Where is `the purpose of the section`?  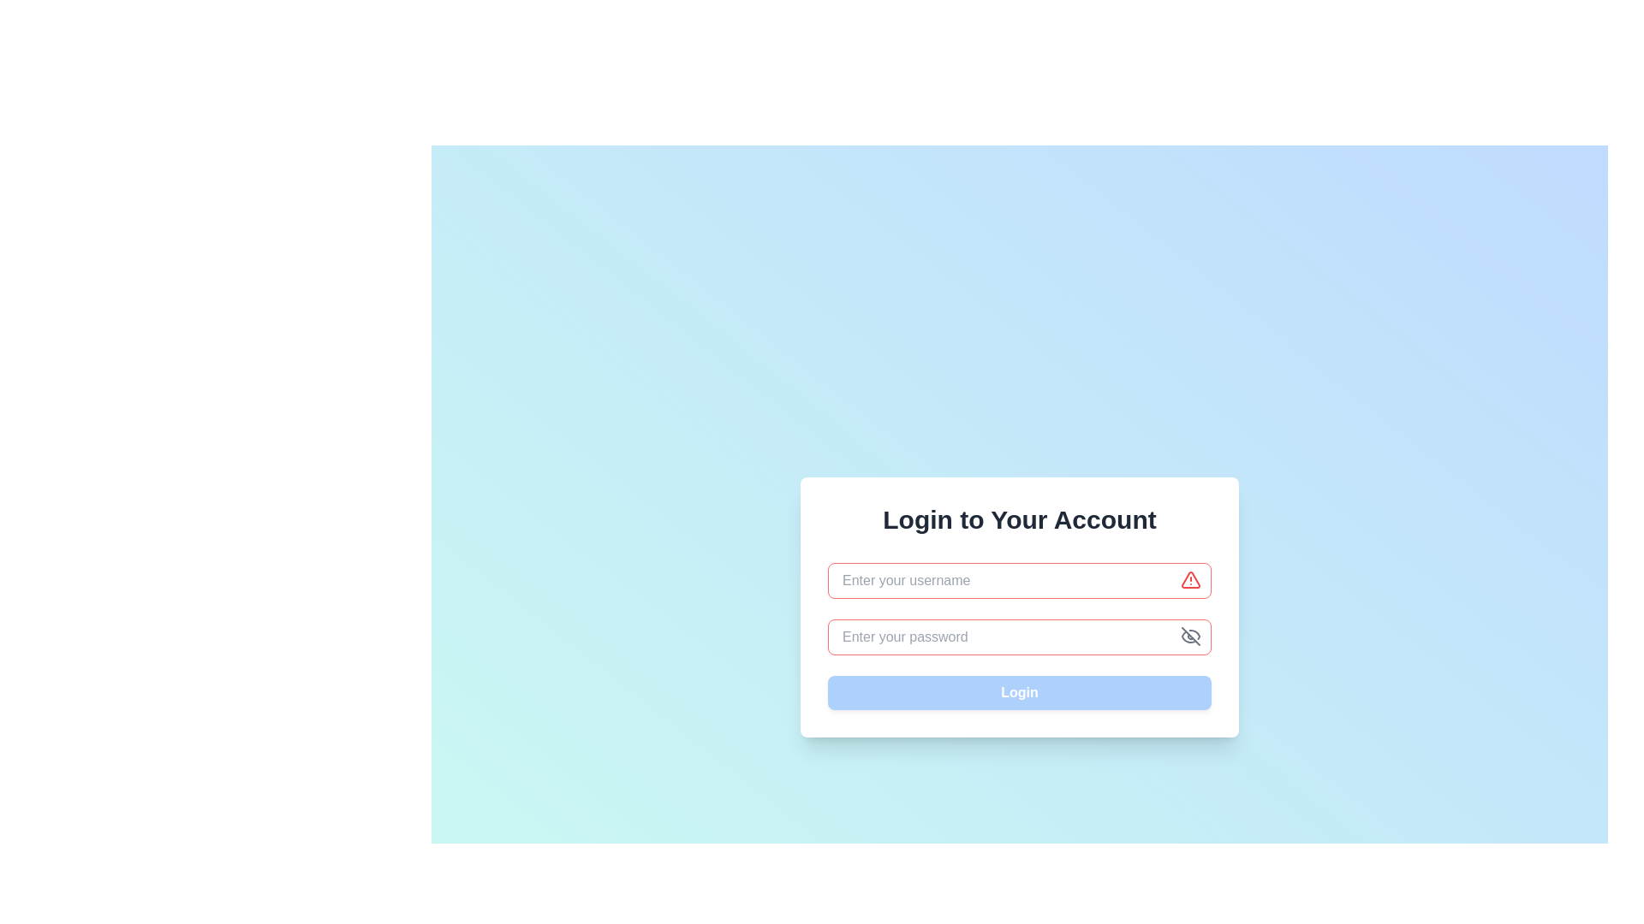
the purpose of the section is located at coordinates (1019, 519).